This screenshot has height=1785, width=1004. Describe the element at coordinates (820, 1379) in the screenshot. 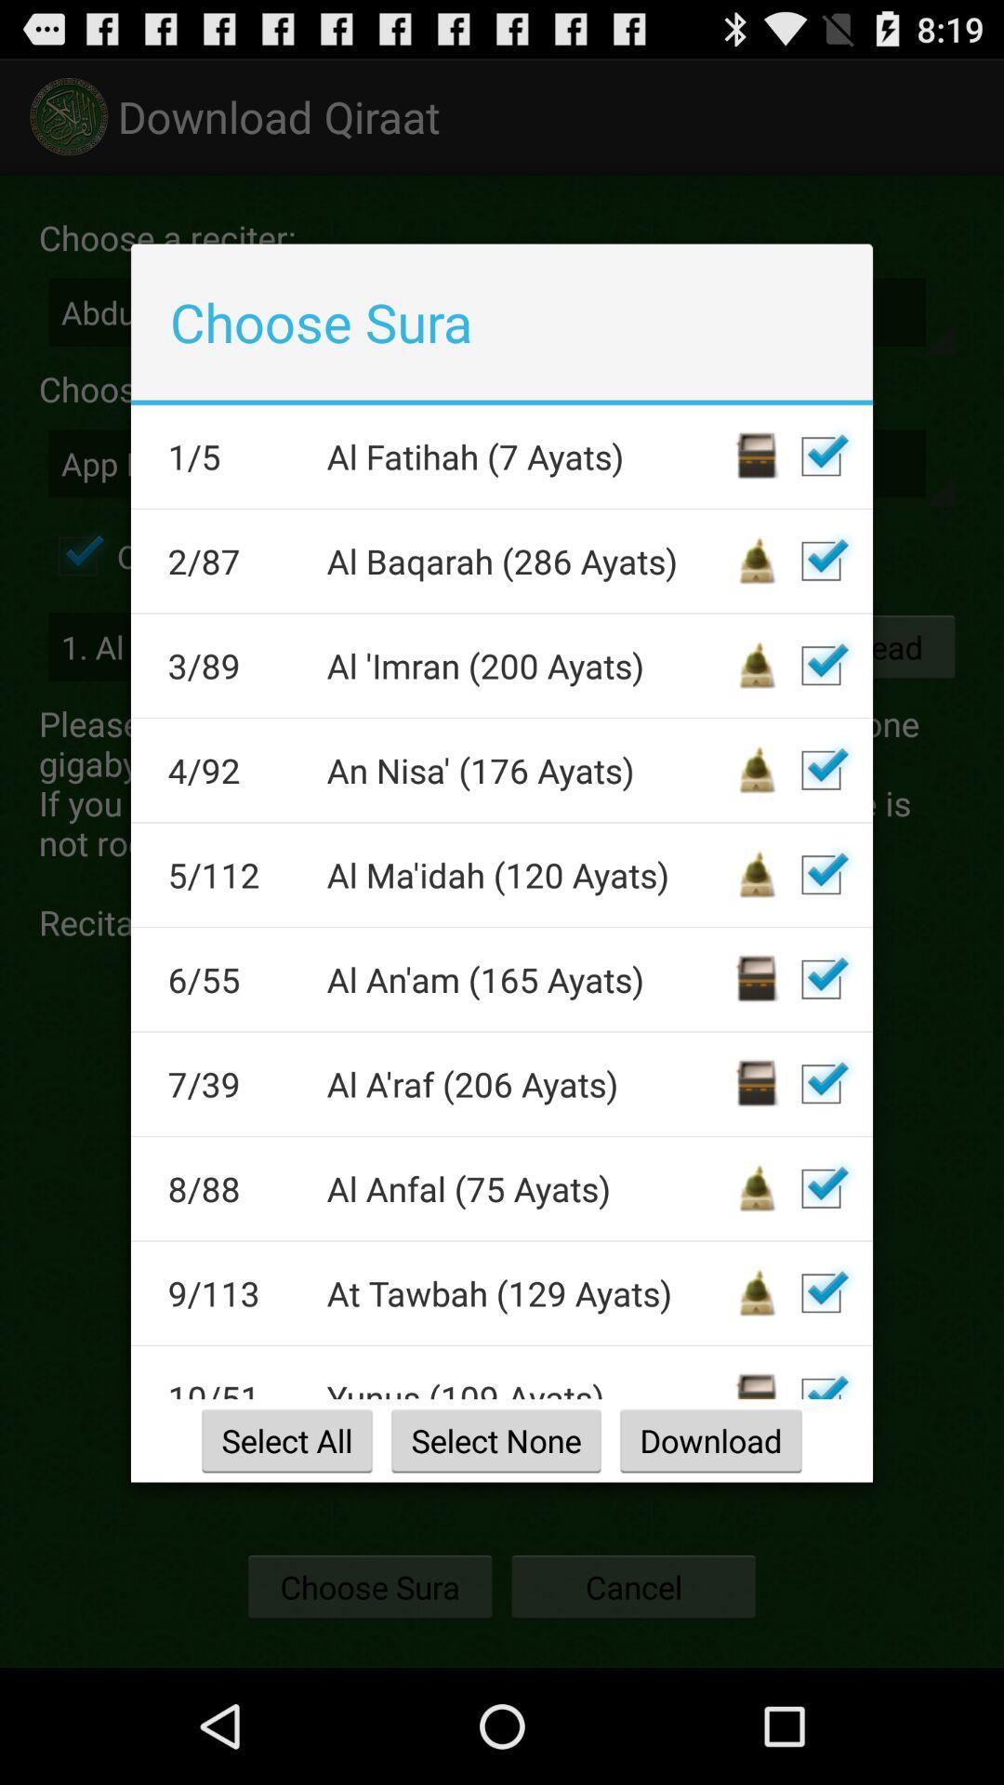

I see `deselect file` at that location.